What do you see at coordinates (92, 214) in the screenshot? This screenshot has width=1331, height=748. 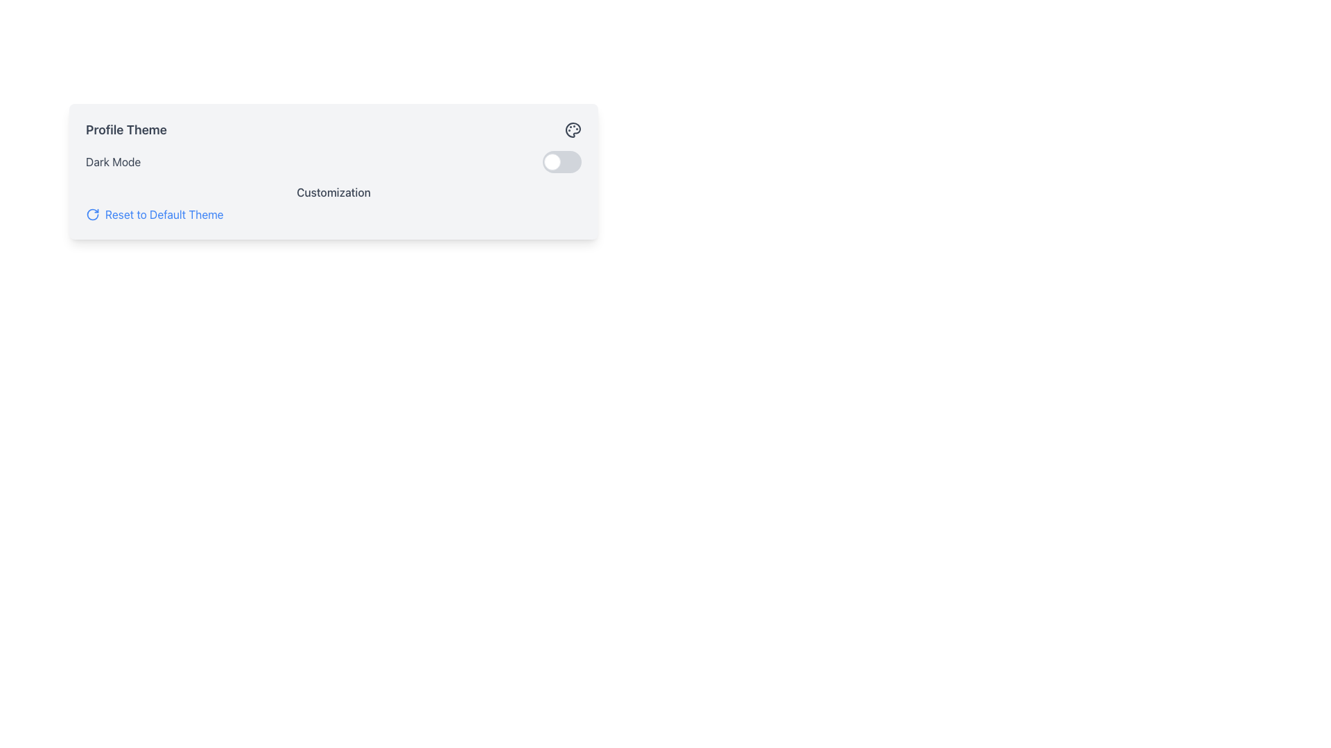 I see `the blue circular icon with a clockwise rotation arrow symbol, which is positioned to the left of the 'Reset to Default Theme' text` at bounding box center [92, 214].